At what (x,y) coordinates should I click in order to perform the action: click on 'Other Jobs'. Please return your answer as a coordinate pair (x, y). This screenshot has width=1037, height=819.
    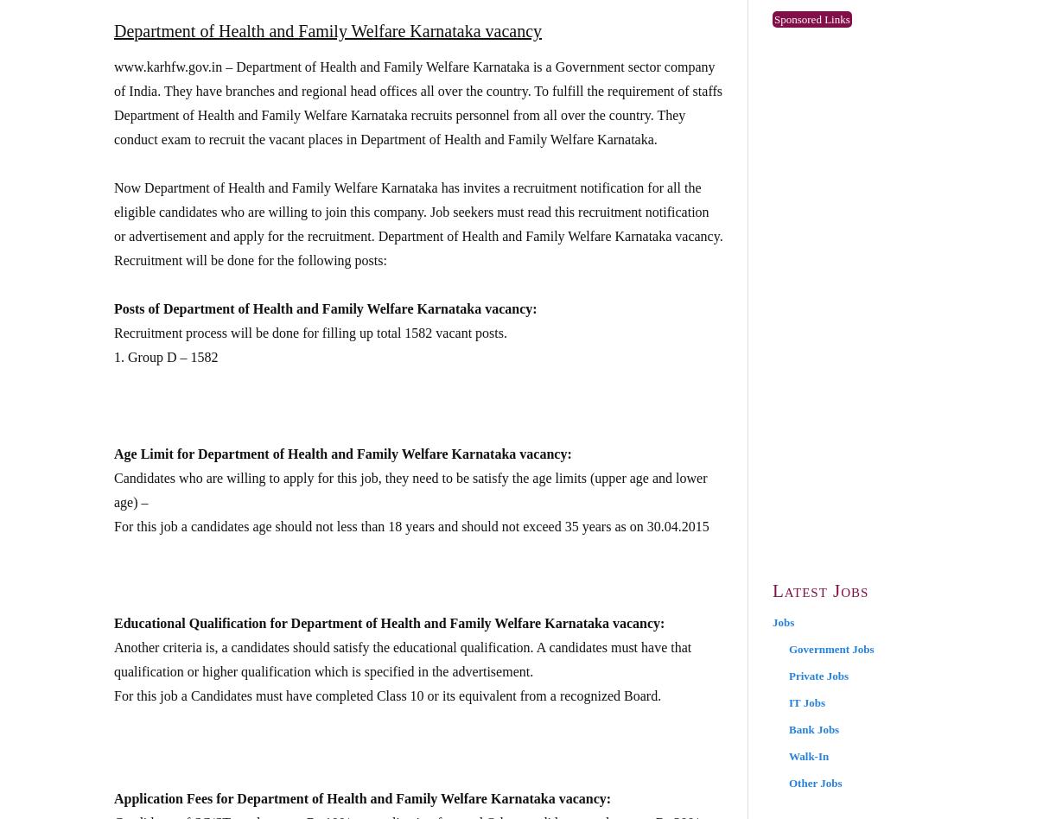
    Looking at the image, I should click on (815, 782).